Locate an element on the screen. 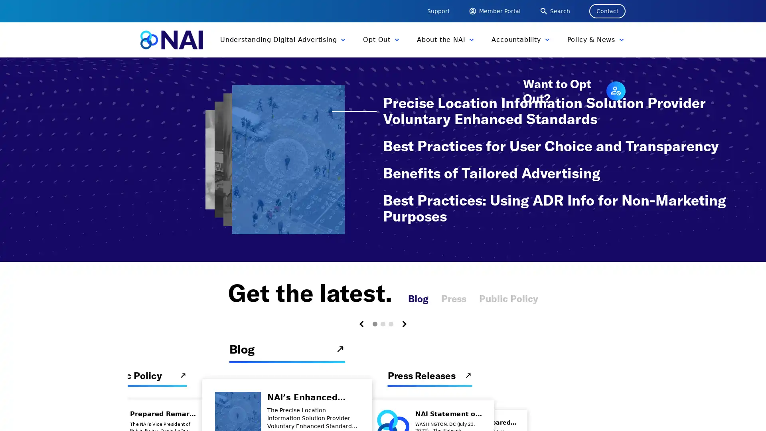  Blog is located at coordinates (417, 299).